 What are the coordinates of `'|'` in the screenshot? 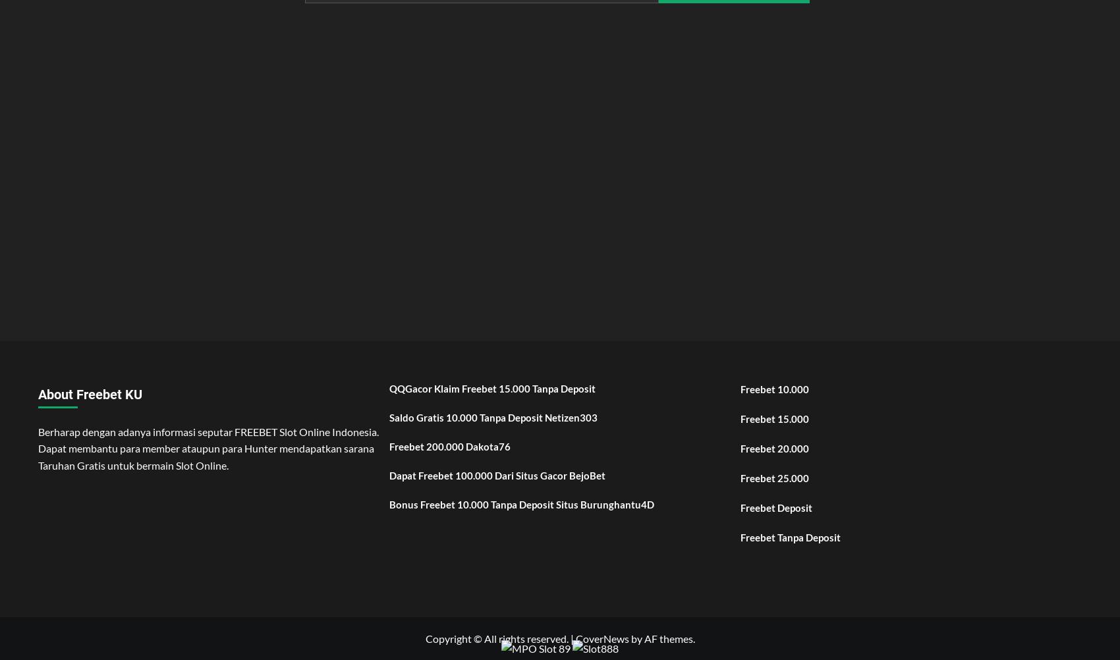 It's located at (569, 638).